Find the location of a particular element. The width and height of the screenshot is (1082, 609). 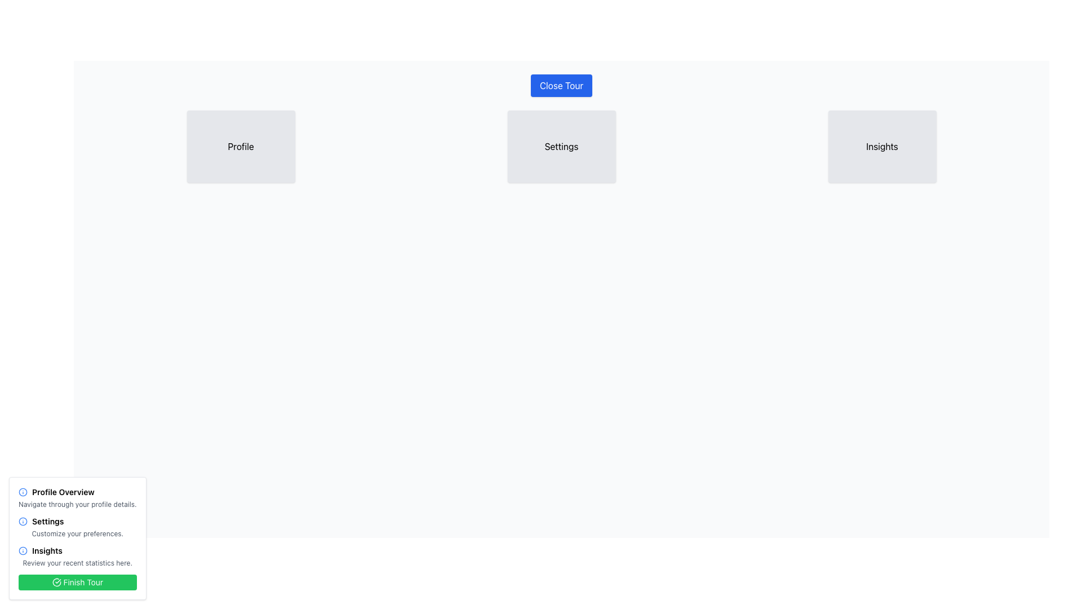

text from the 'Profile Overview' label which is the first item in a list-like structure, styled with a smaller font size and bold weight, located to the right of an informational icon is located at coordinates (63, 491).